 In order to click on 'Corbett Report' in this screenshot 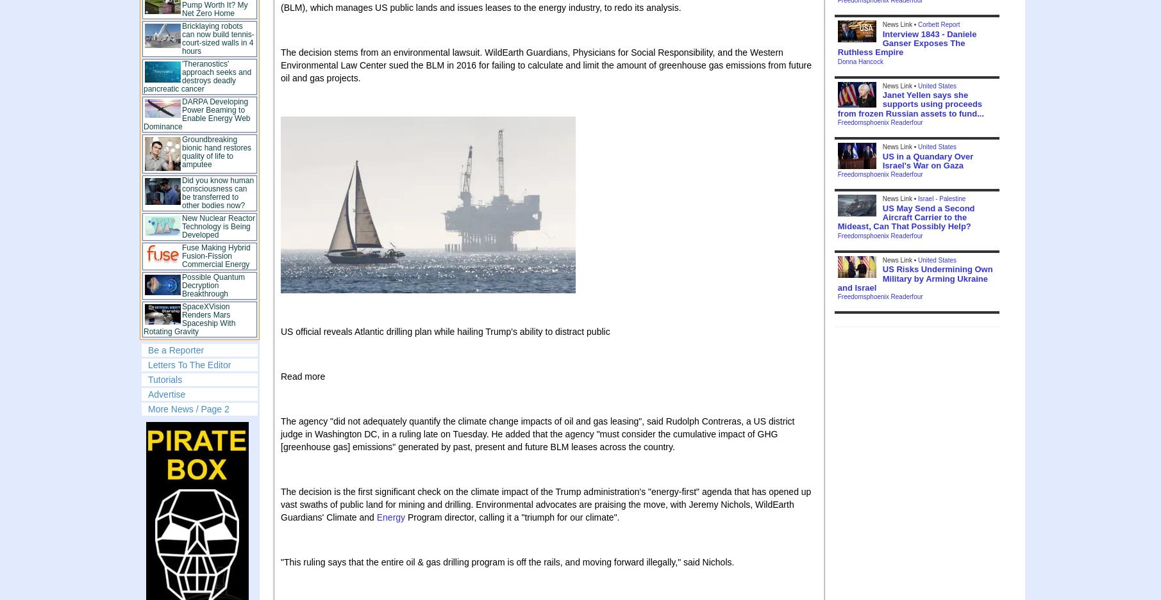, I will do `click(917, 24)`.